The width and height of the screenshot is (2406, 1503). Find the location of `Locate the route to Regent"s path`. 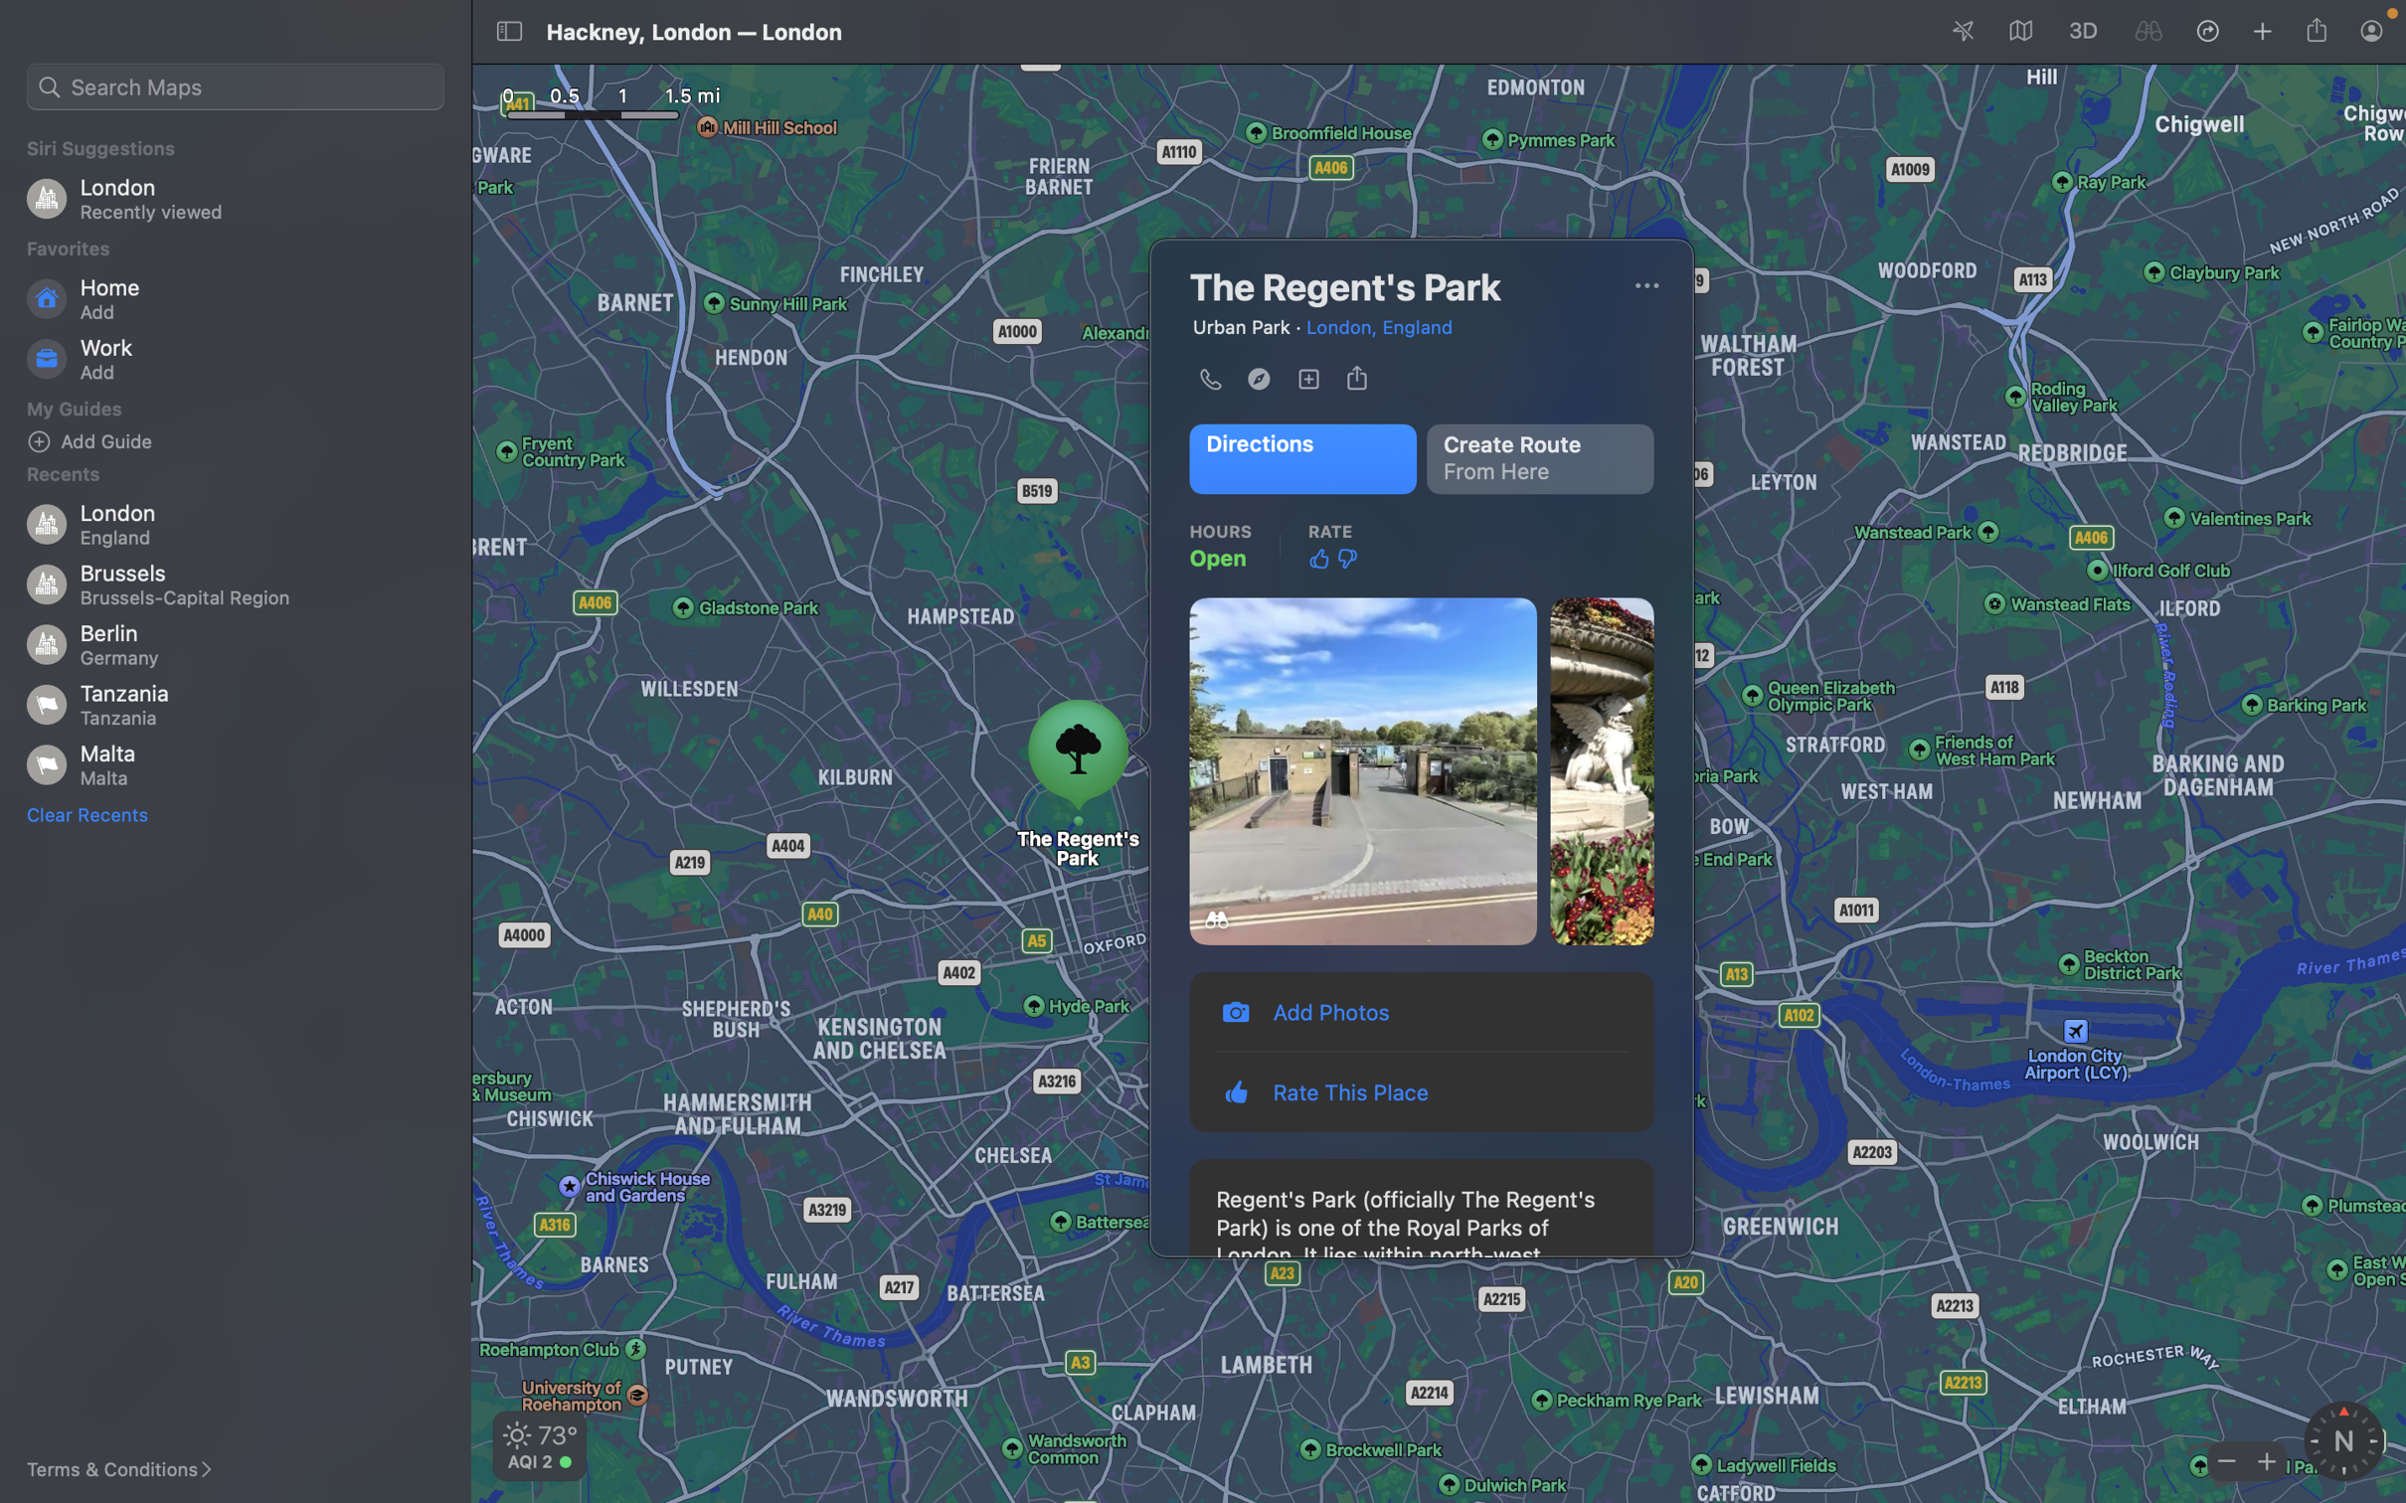

Locate the route to Regent"s path is located at coordinates (1299, 458).